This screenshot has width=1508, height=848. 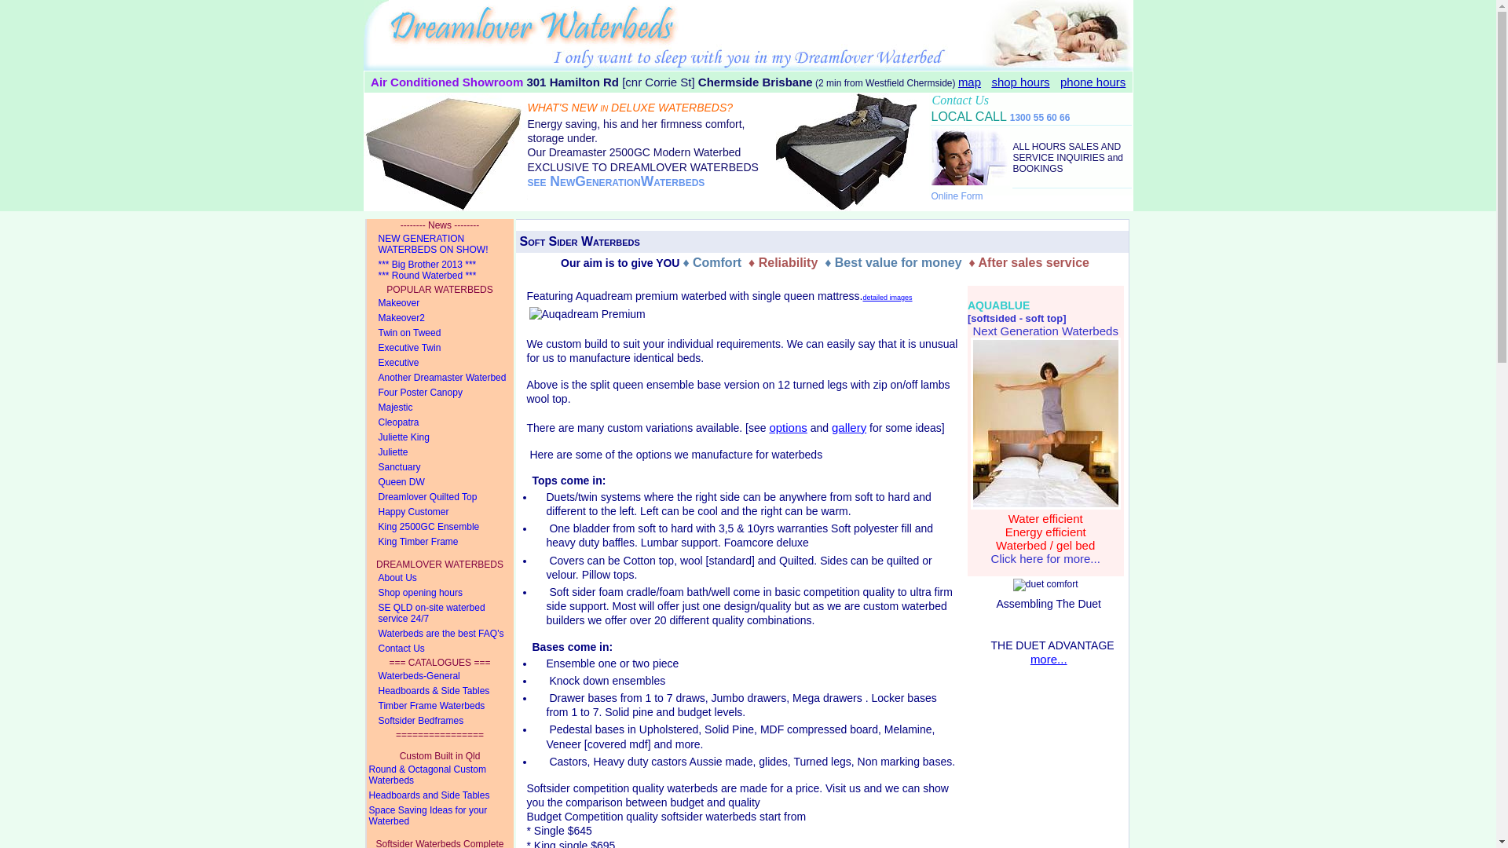 I want to click on 'Four Poster Canopy', so click(x=439, y=392).